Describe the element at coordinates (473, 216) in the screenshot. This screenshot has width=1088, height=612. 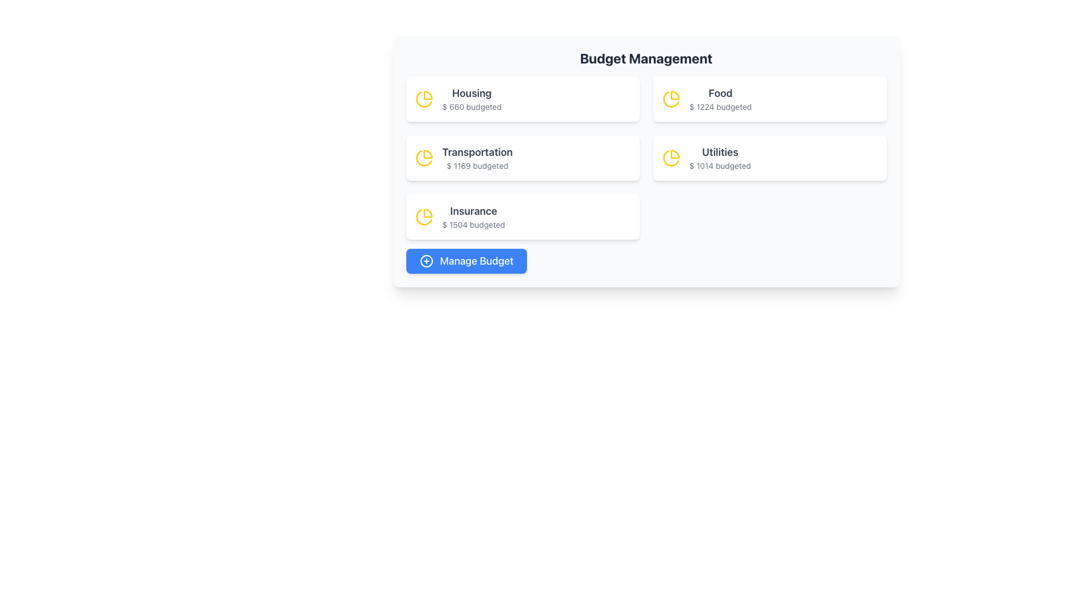
I see `the 'Insurance' text block element that displays the budget of '$ 1504 budgeted' within the bottom-left card of the 'Budget Management' section` at that location.